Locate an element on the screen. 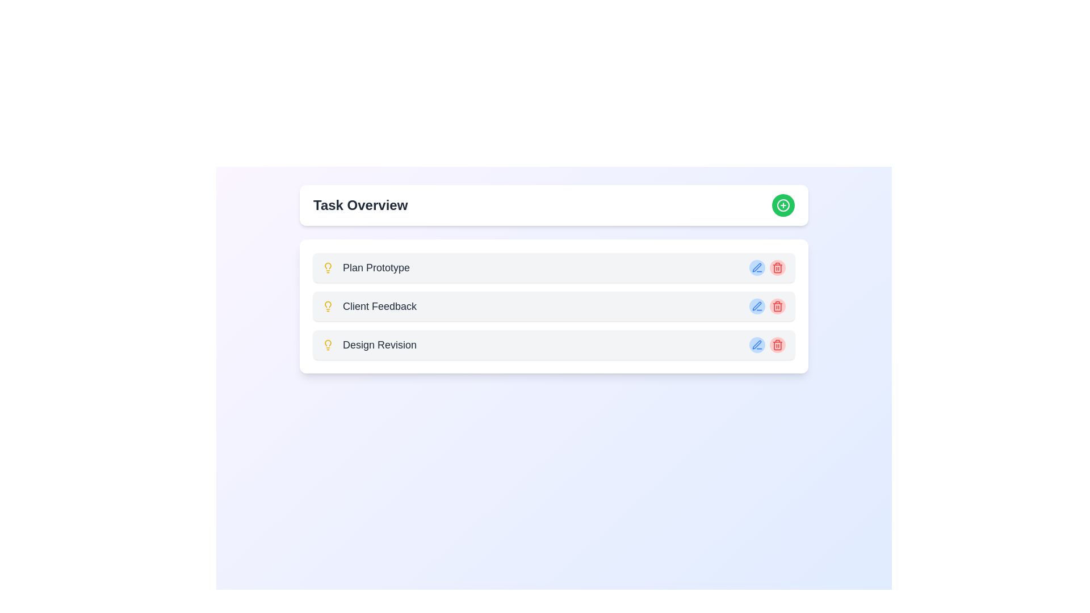 The height and width of the screenshot is (613, 1090). text from the Text Label that serves as a heading for the task management panel, located at the top-left corner and preceding a green circular button is located at coordinates (360, 205).